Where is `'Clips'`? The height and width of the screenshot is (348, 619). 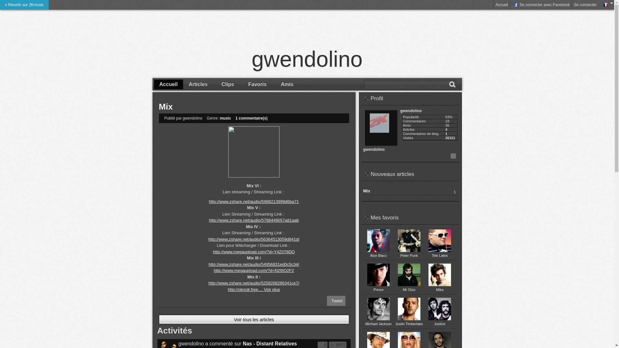
'Clips' is located at coordinates (228, 84).